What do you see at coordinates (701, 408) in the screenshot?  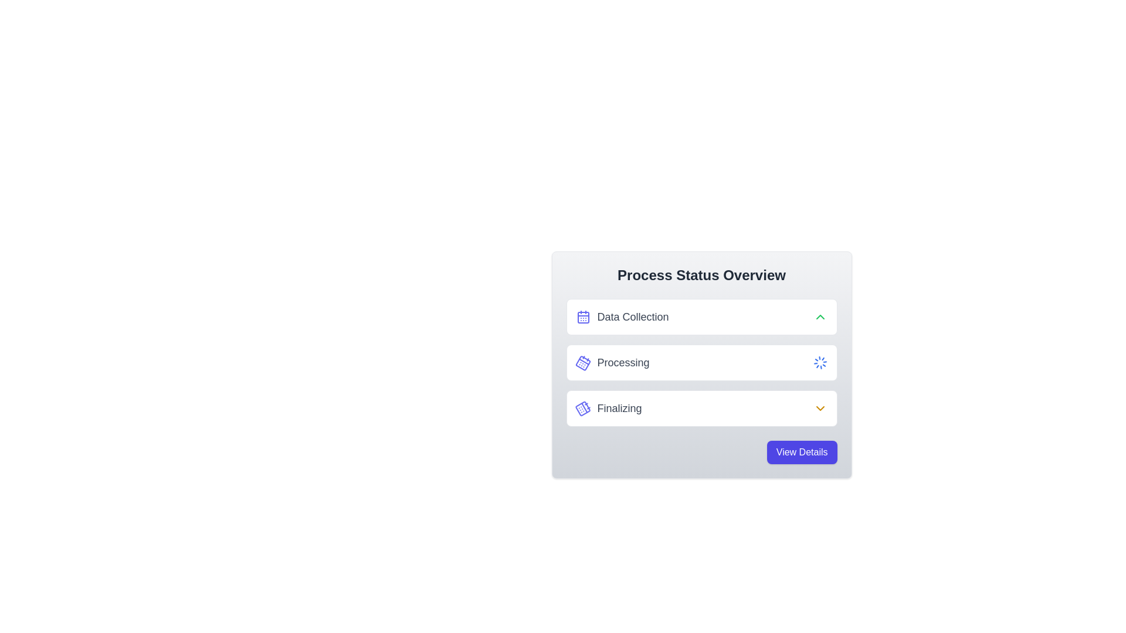 I see `the 'Finalizing' button located beneath the 'Processing' button in the 'Process Status Overview' card` at bounding box center [701, 408].